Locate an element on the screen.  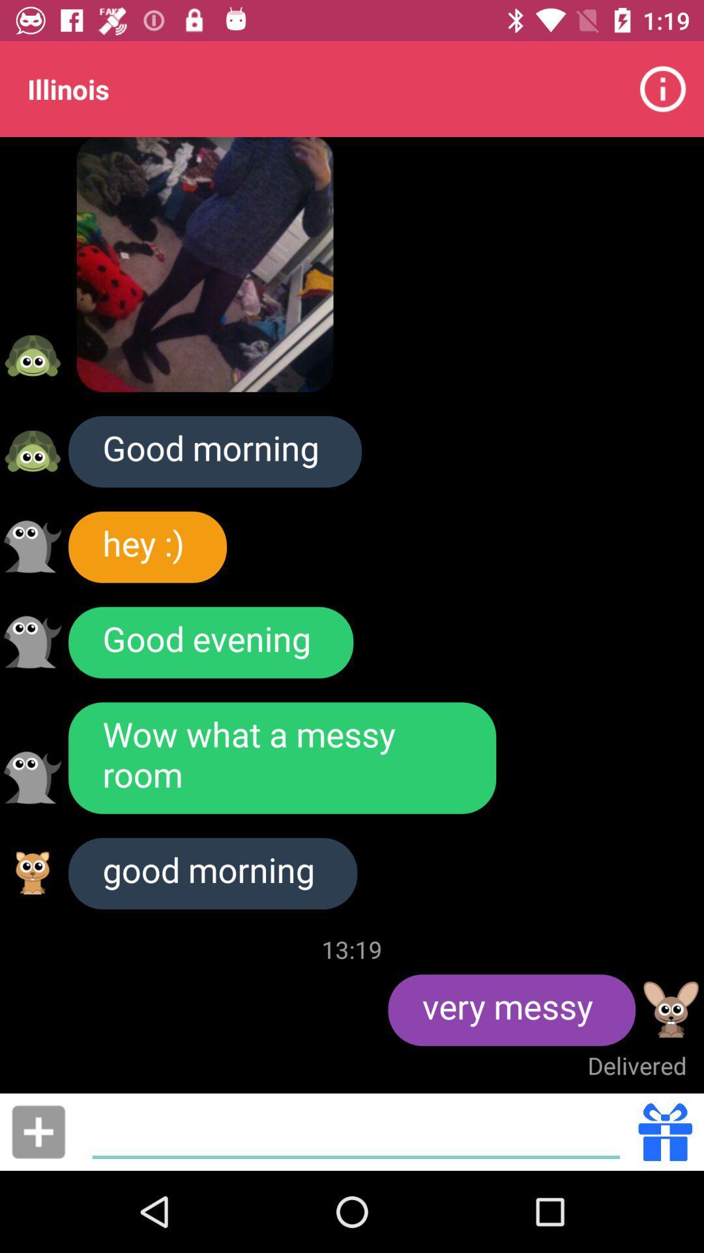
click the ghost is located at coordinates (32, 546).